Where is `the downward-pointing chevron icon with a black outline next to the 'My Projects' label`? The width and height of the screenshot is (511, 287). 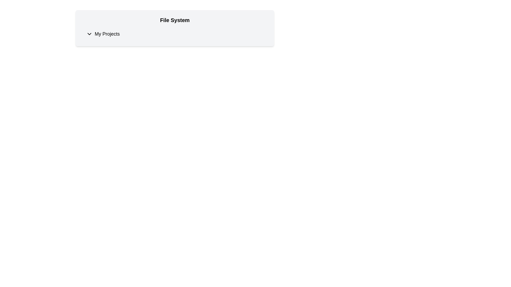 the downward-pointing chevron icon with a black outline next to the 'My Projects' label is located at coordinates (89, 34).